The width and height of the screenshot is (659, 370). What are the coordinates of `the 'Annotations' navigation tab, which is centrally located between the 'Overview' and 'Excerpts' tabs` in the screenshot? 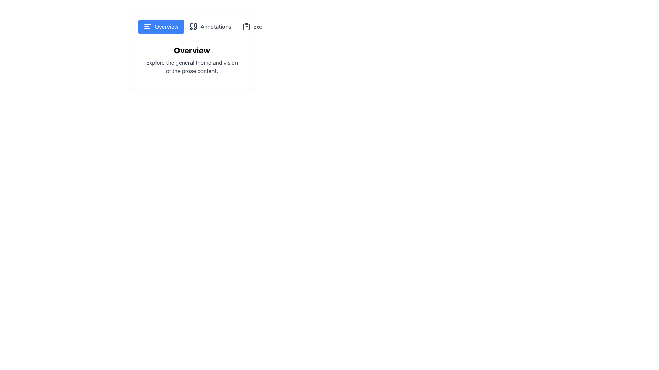 It's located at (210, 26).